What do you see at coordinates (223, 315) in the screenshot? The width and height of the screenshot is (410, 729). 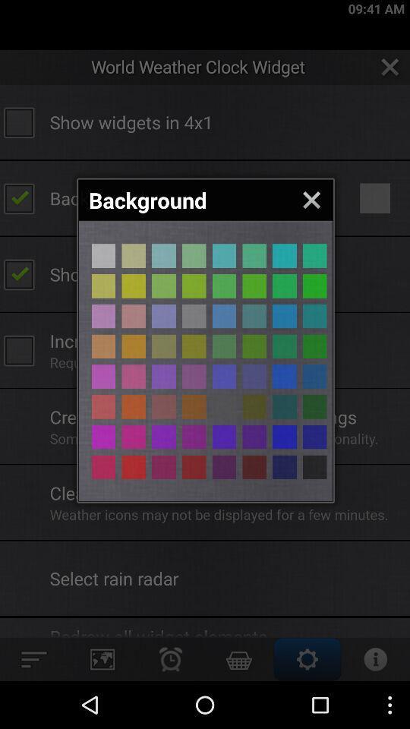 I see `background button` at bounding box center [223, 315].